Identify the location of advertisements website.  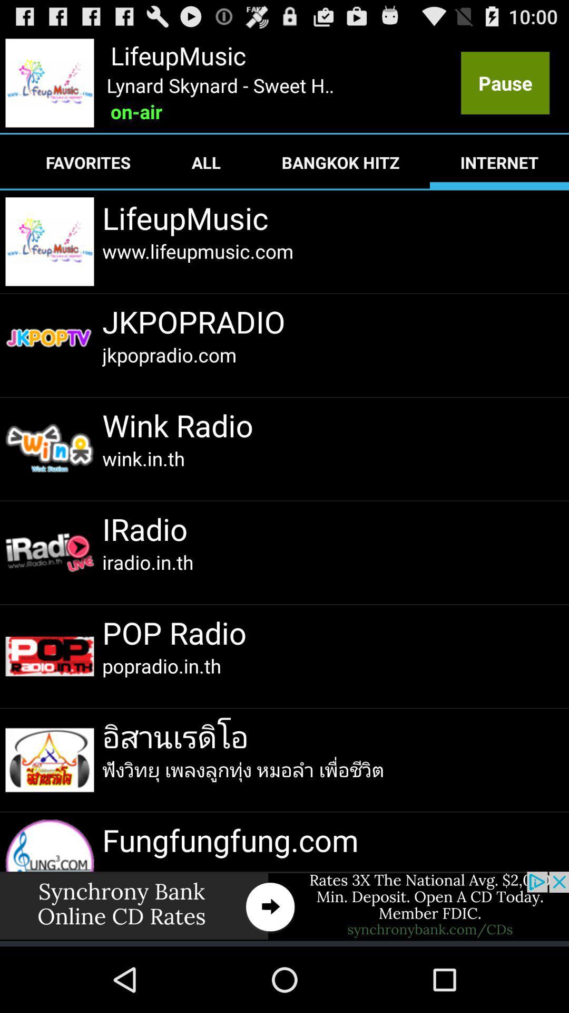
(284, 905).